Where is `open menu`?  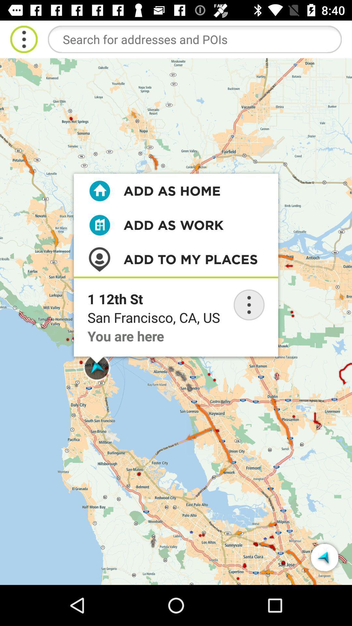
open menu is located at coordinates (23, 39).